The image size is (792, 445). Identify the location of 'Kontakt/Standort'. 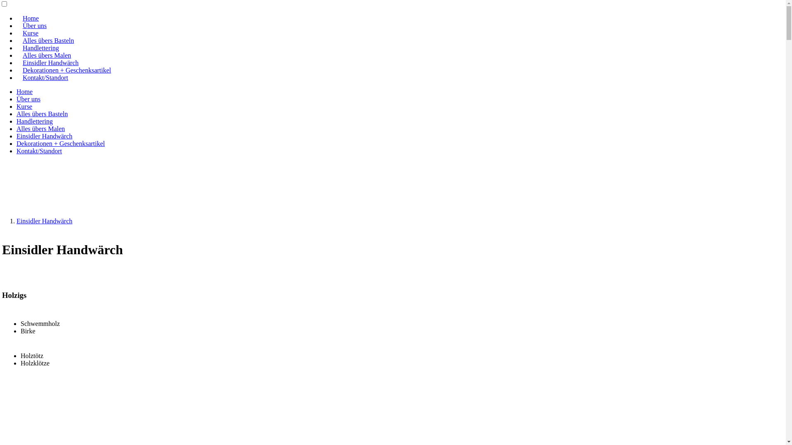
(39, 151).